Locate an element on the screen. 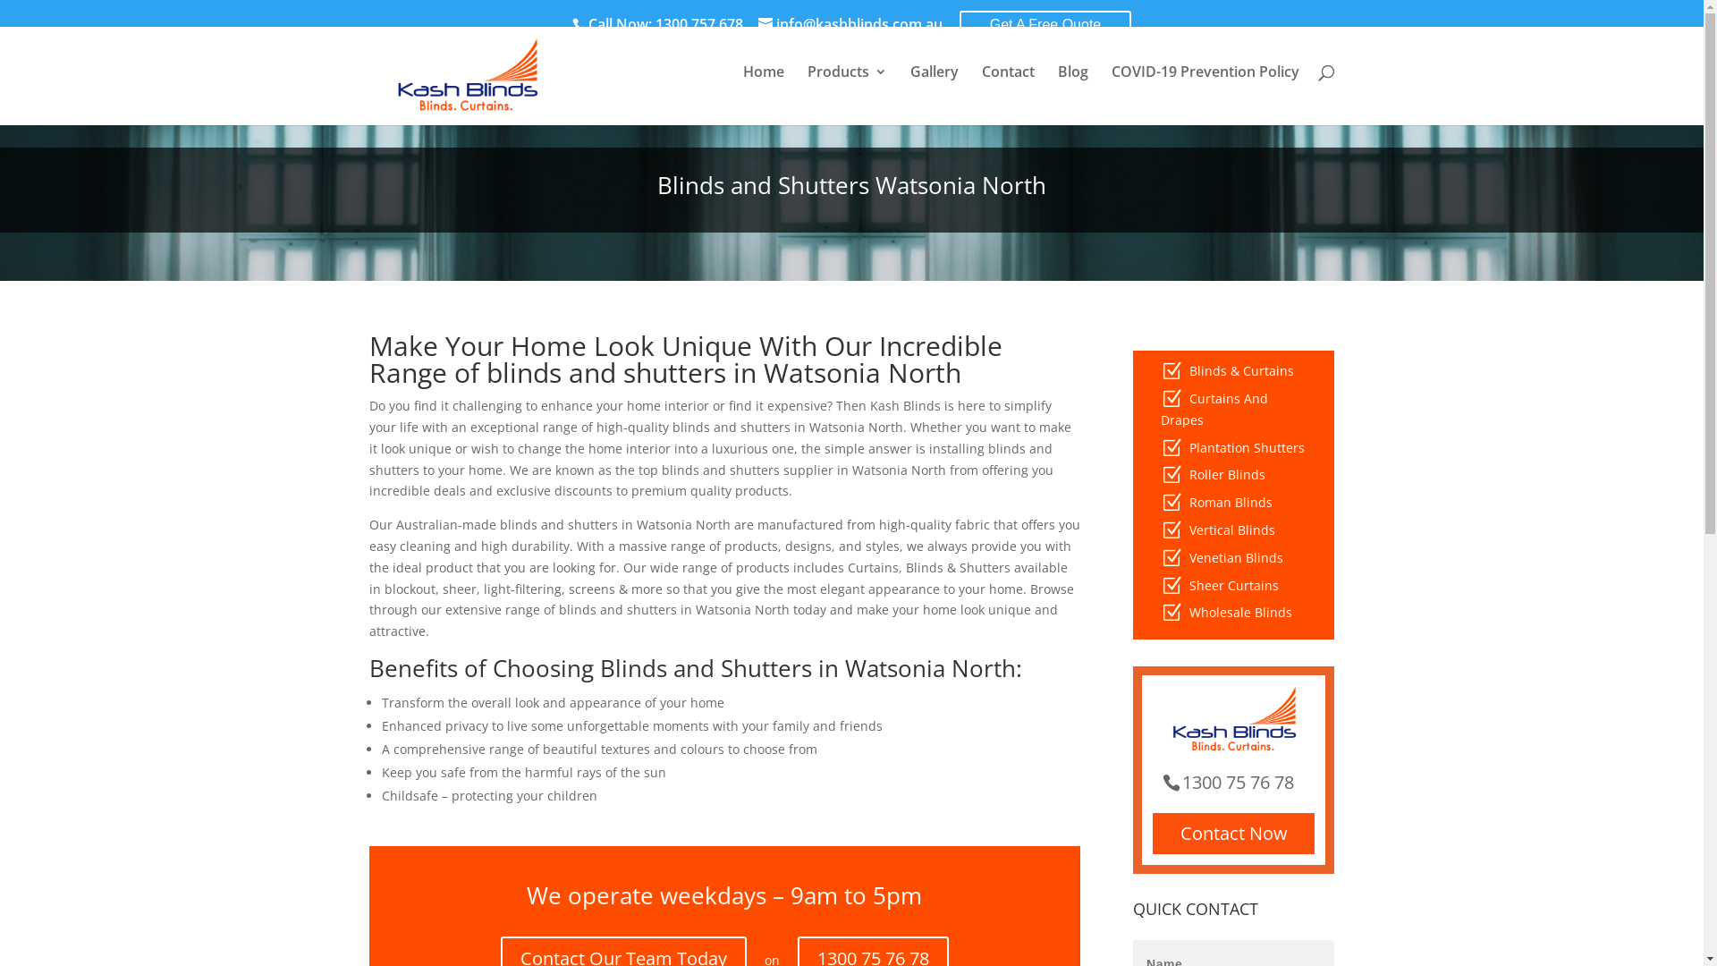  'Venetian Blinds' is located at coordinates (1235, 556).